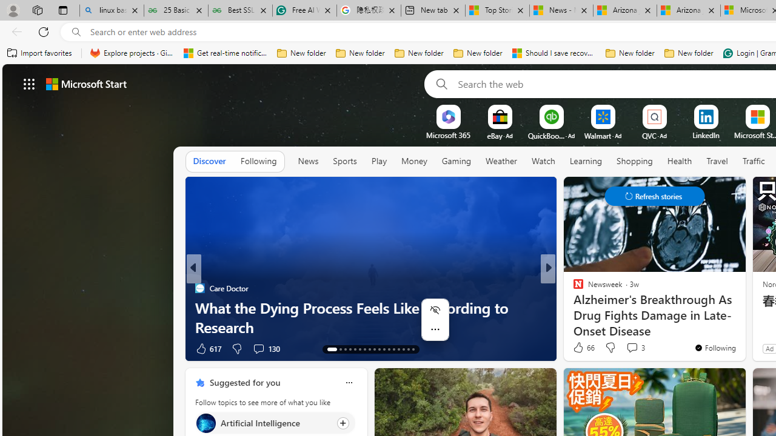 The image size is (776, 436). I want to click on 'View comments 137 Comment', so click(628, 348).